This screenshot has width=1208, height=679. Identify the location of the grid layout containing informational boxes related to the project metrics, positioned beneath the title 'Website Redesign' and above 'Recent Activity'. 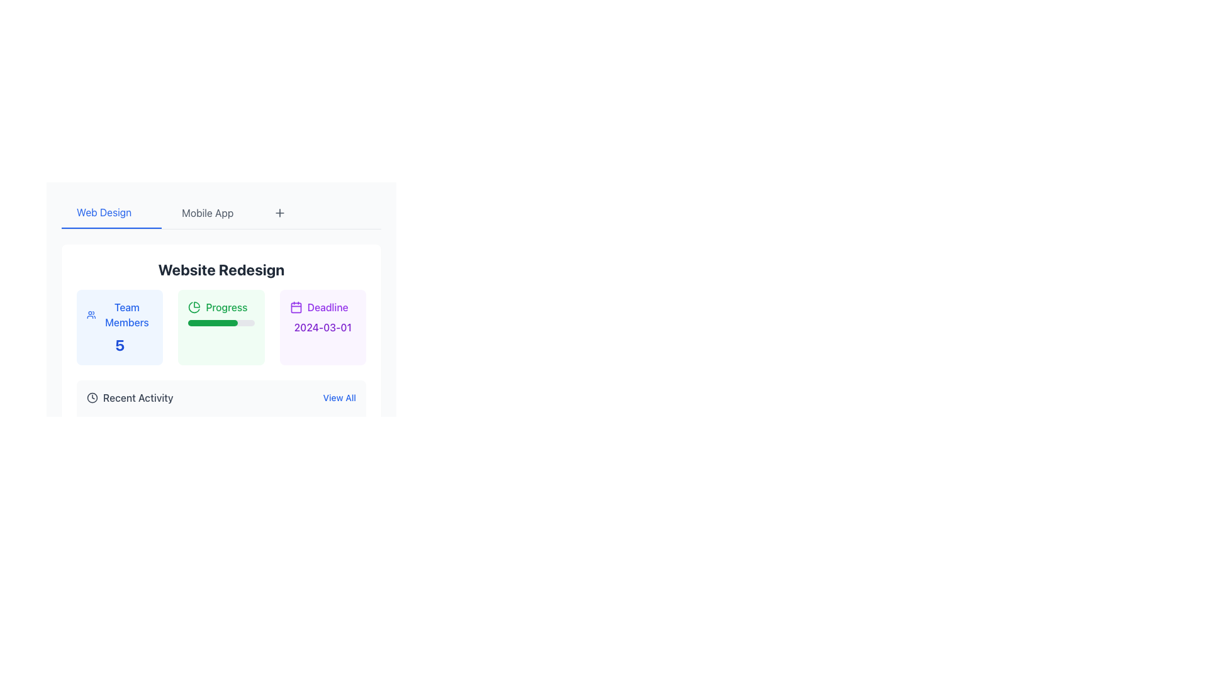
(221, 326).